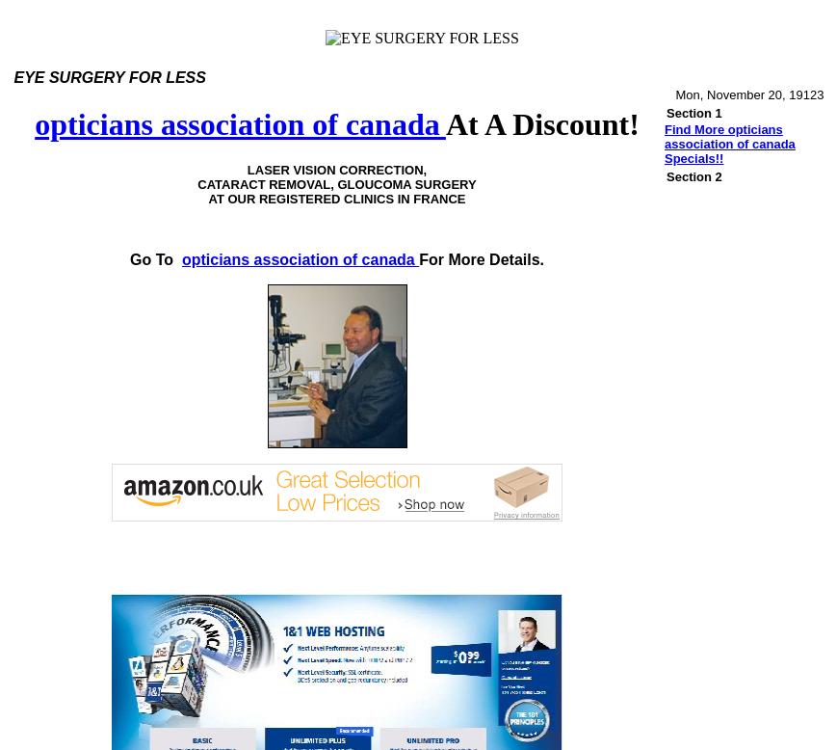 The image size is (837, 750). Describe the element at coordinates (150, 259) in the screenshot. I see `'Go To'` at that location.